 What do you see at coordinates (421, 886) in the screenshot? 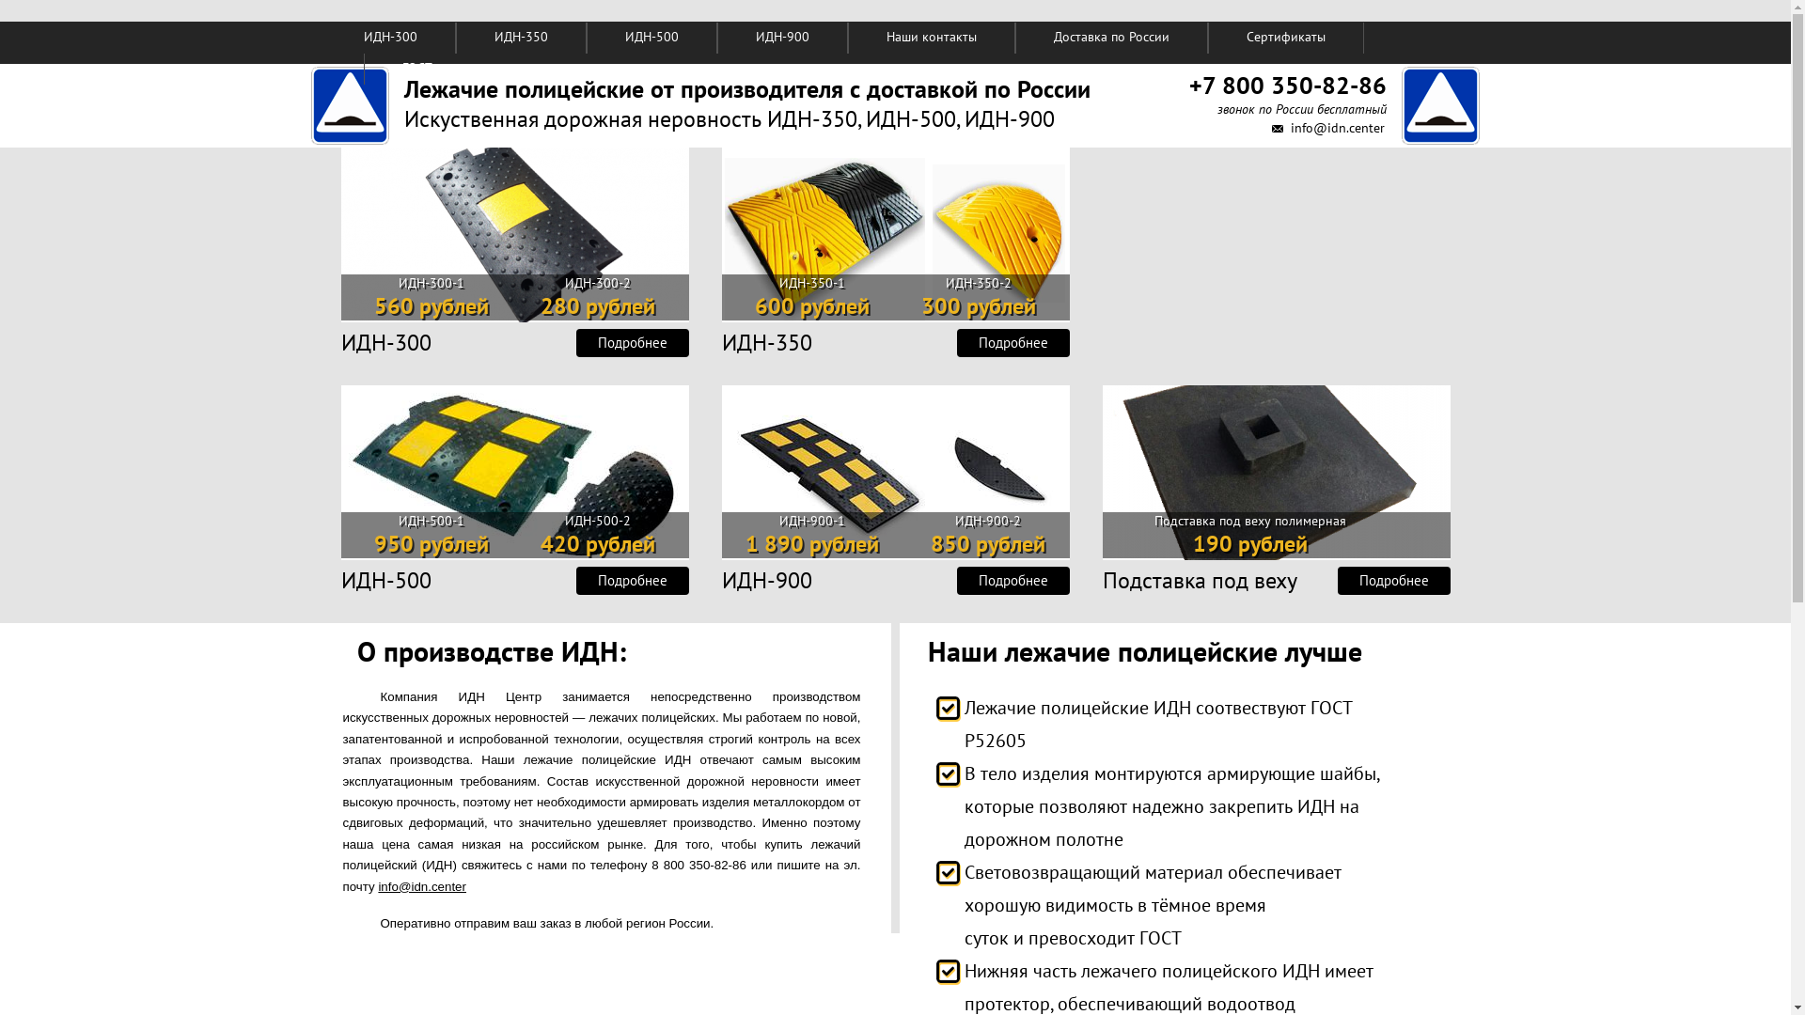
I see `'info@idn.center'` at bounding box center [421, 886].